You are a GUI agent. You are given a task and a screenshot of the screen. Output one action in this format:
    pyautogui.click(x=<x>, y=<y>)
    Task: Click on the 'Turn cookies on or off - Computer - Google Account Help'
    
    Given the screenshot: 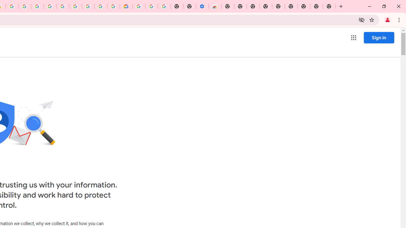 What is the action you would take?
    pyautogui.click(x=164, y=6)
    